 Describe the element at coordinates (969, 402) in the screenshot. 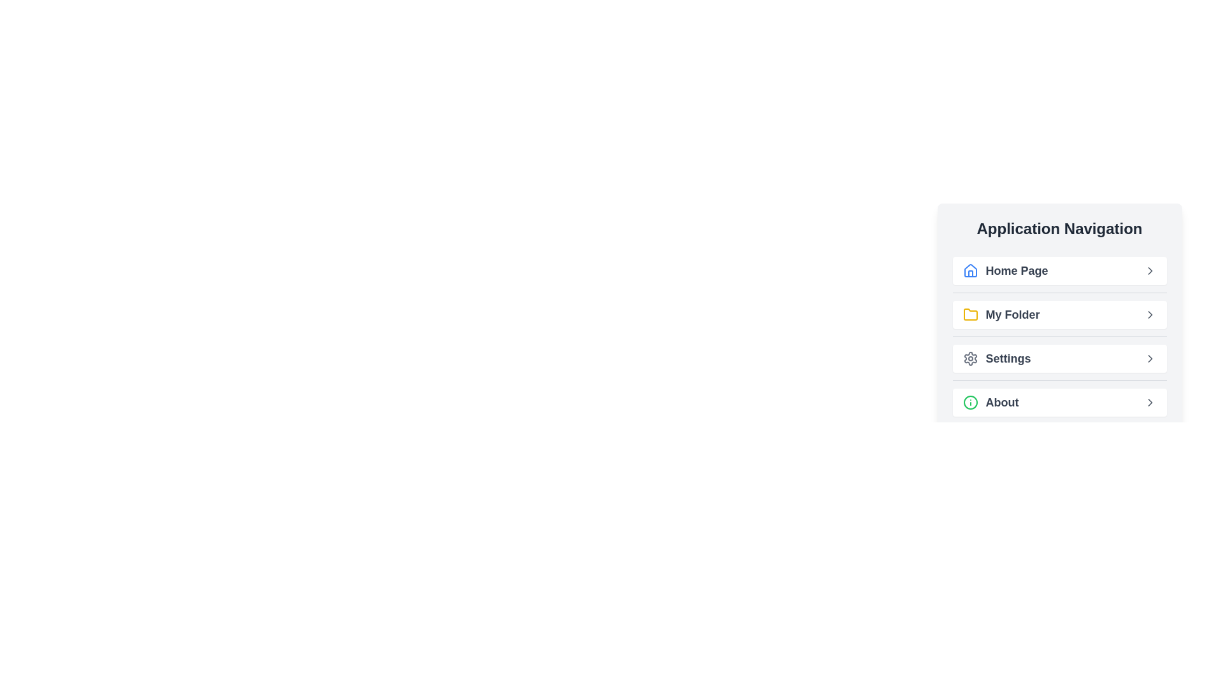

I see `the 'About' navigation entry which is represented by the SVG icon containing a circular shape with a green border` at that location.